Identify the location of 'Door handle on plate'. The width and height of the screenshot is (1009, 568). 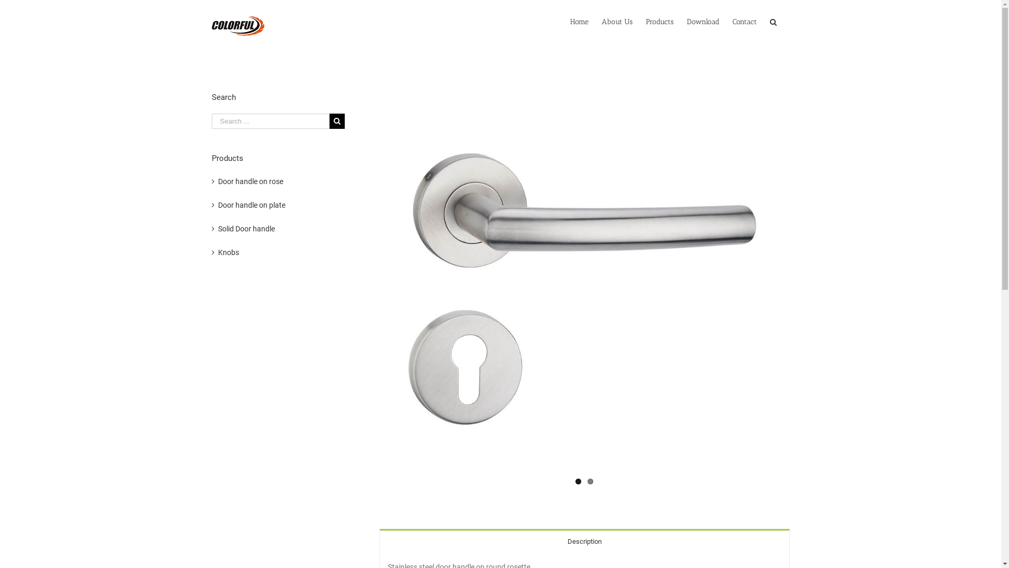
(217, 205).